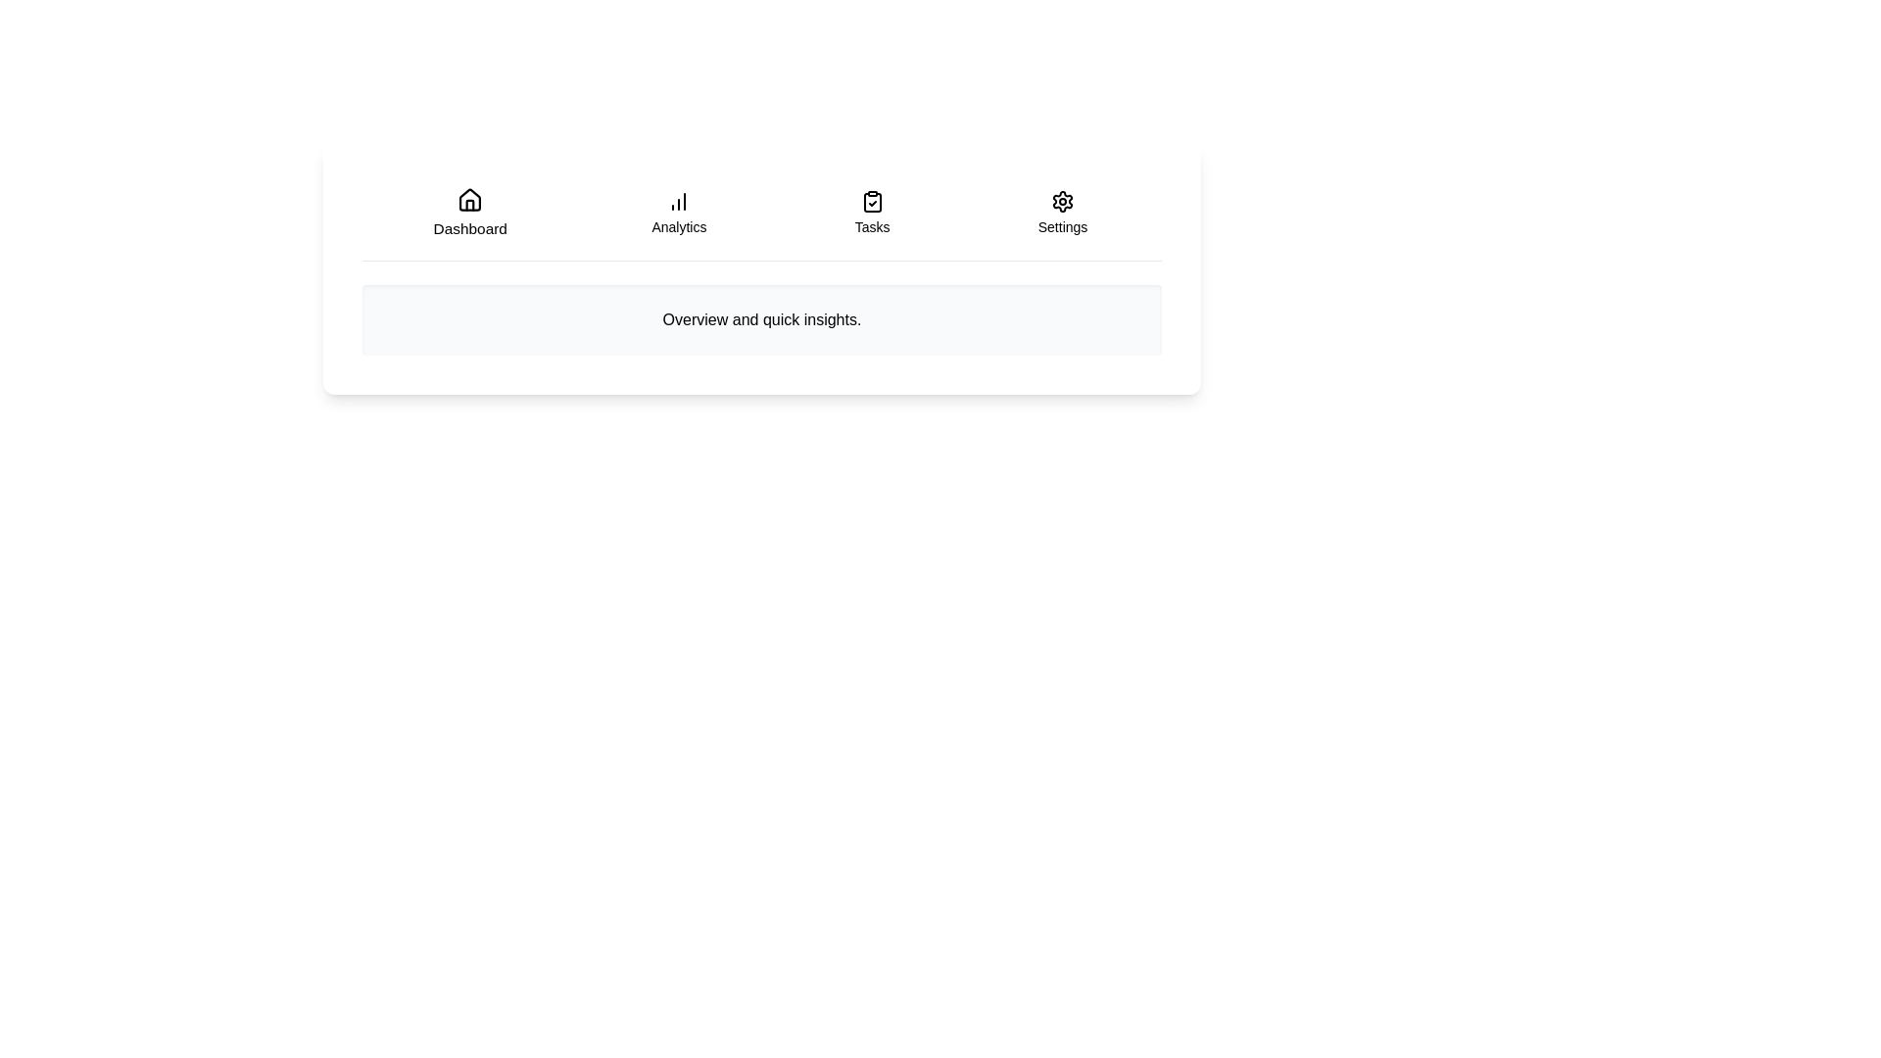  Describe the element at coordinates (871, 201) in the screenshot. I see `the icon button resembling a clipboard with a checkmark, located in the navigation bar between the 'Analytics' and 'Settings' icons` at that location.